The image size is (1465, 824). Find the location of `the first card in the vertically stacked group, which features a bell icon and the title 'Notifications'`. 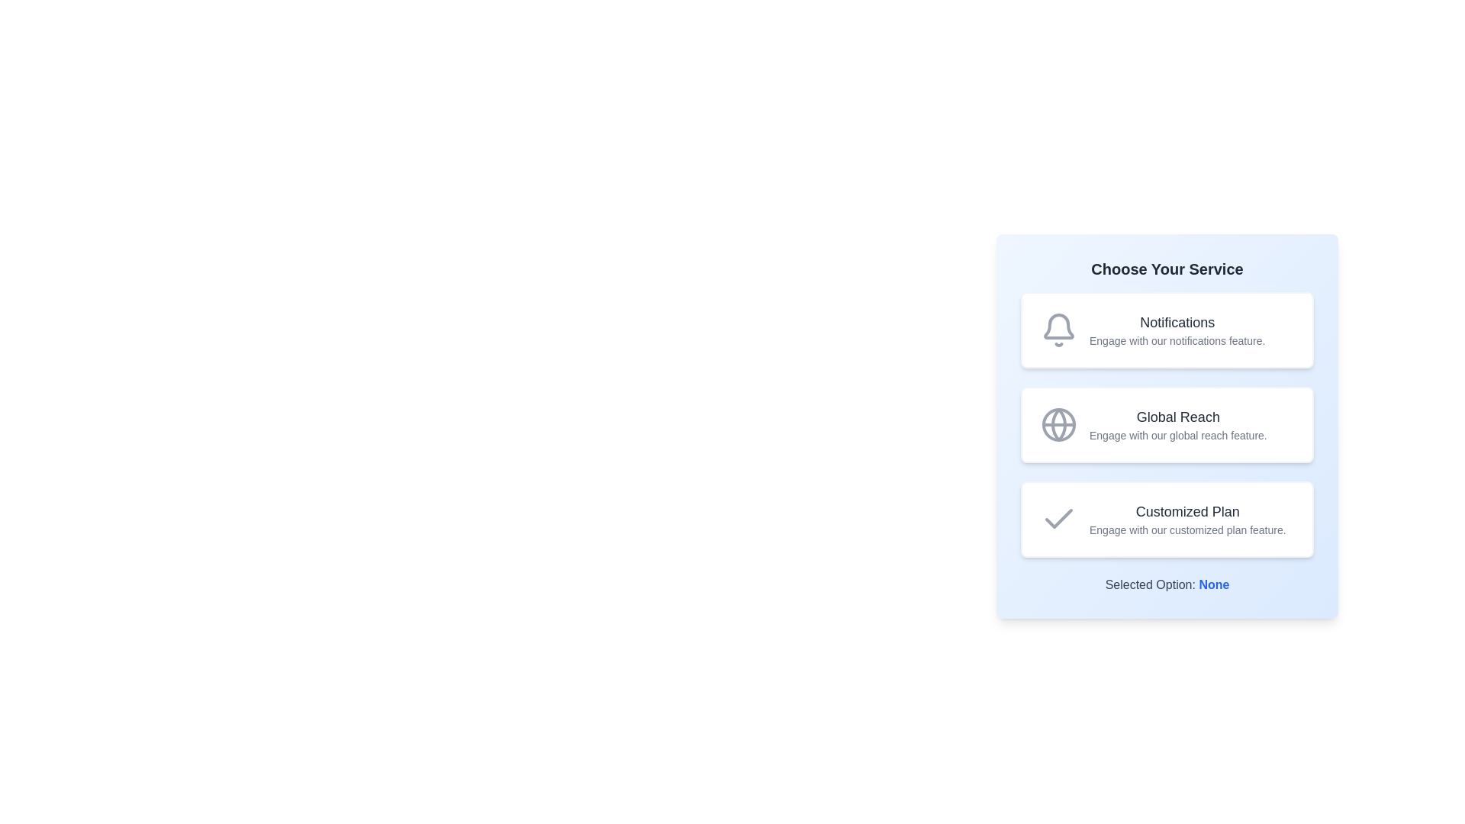

the first card in the vertically stacked group, which features a bell icon and the title 'Notifications' is located at coordinates (1167, 329).